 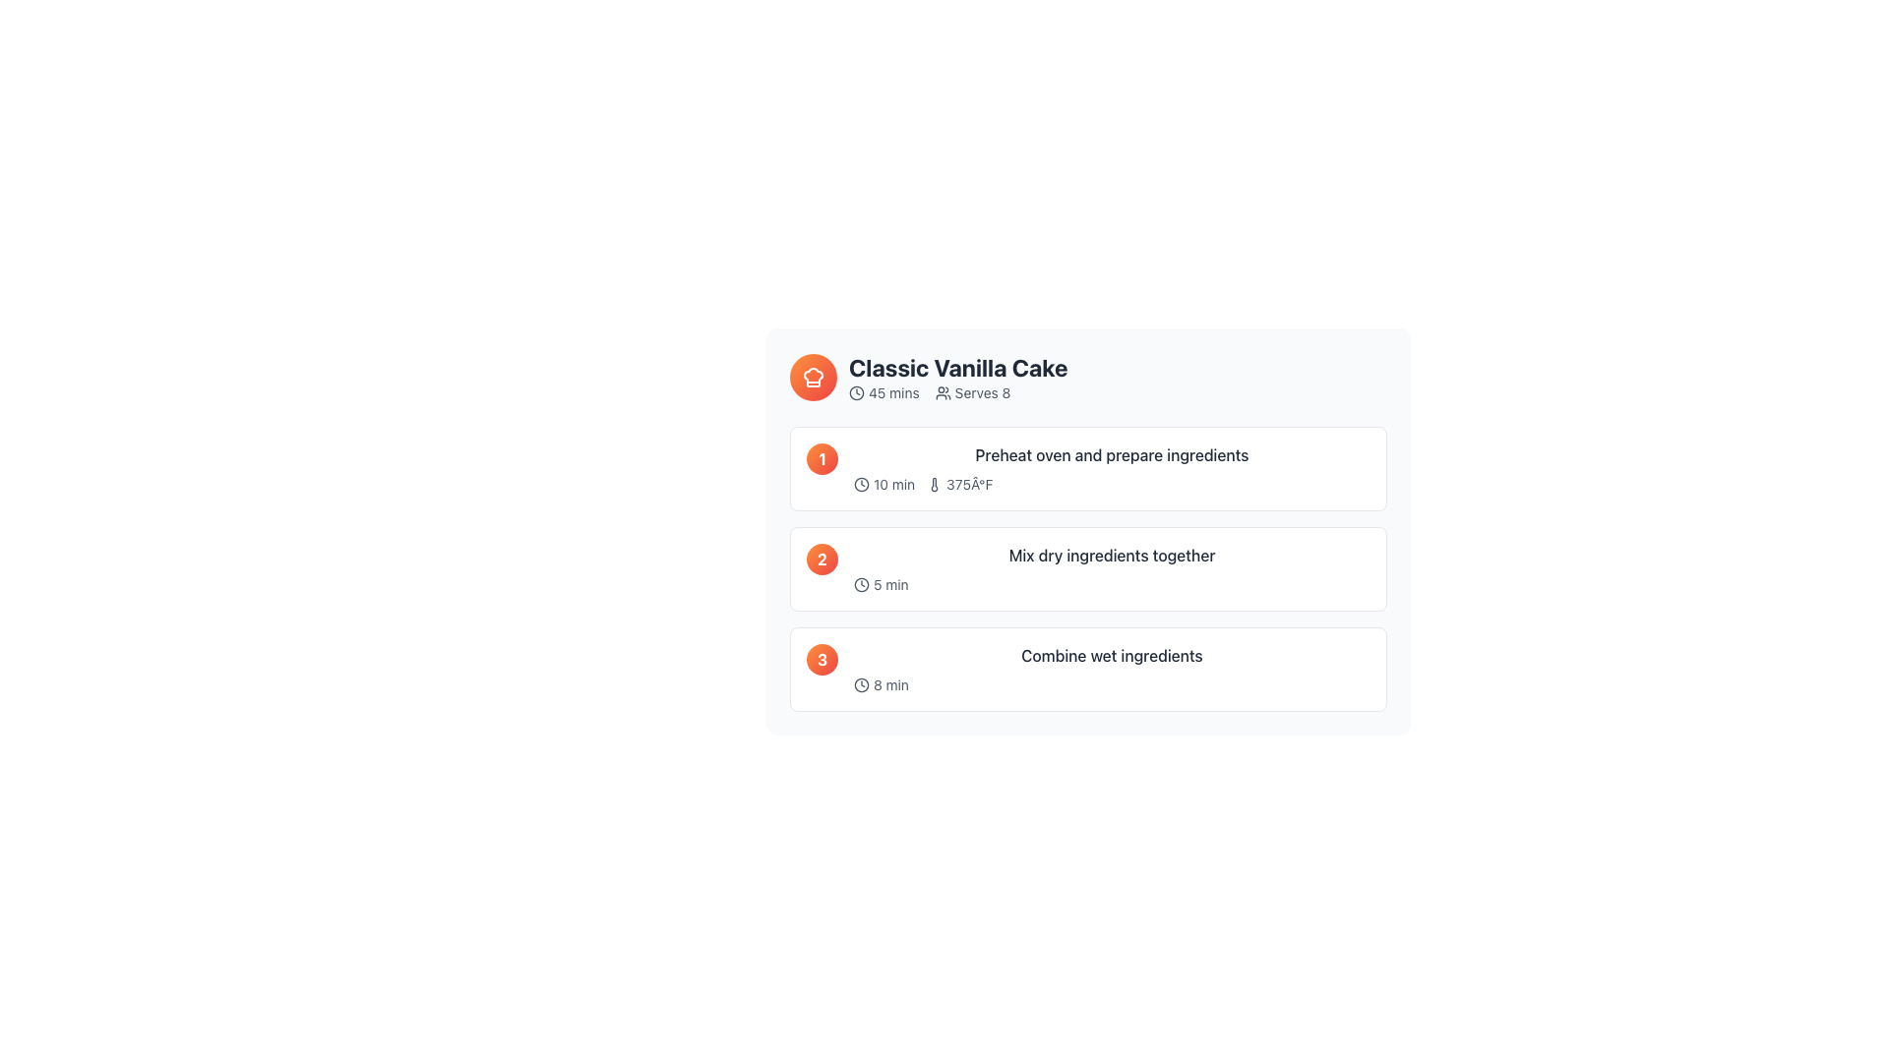 I want to click on text of the main title Text Label, which is prominently displayed at the top of the associated content area, so click(x=958, y=368).